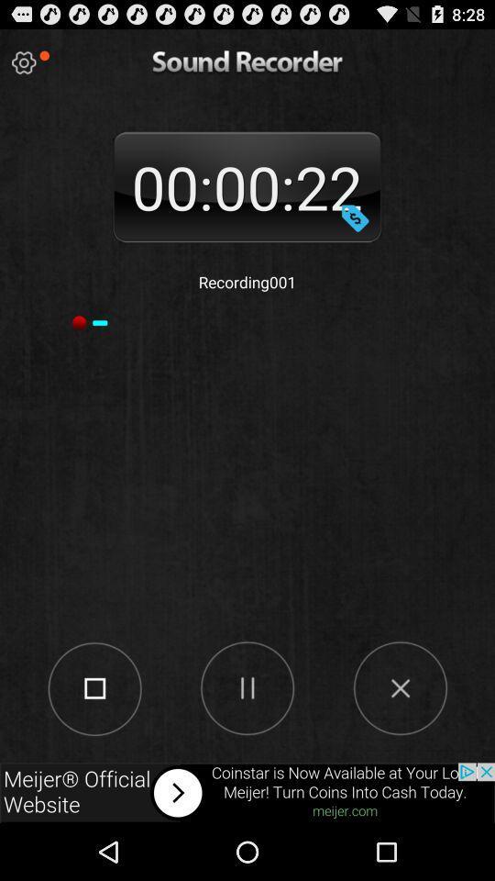 The height and width of the screenshot is (881, 495). What do you see at coordinates (355, 217) in the screenshot?
I see `see the price` at bounding box center [355, 217].